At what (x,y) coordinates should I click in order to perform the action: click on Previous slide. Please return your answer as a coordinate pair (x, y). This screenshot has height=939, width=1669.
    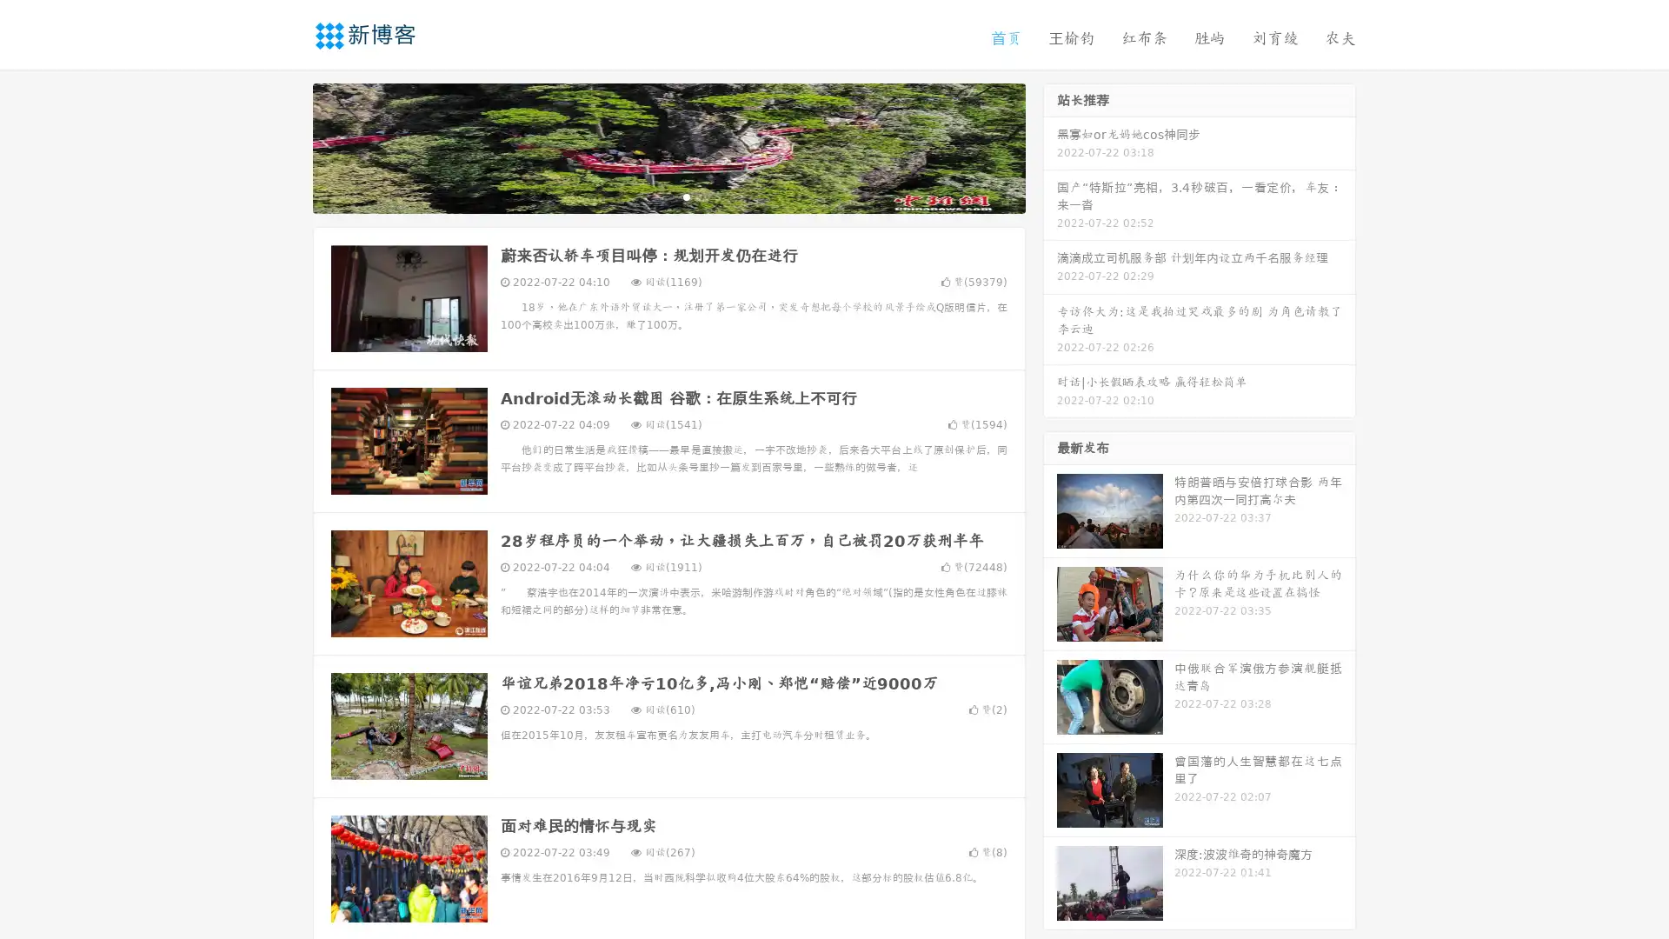
    Looking at the image, I should click on (287, 146).